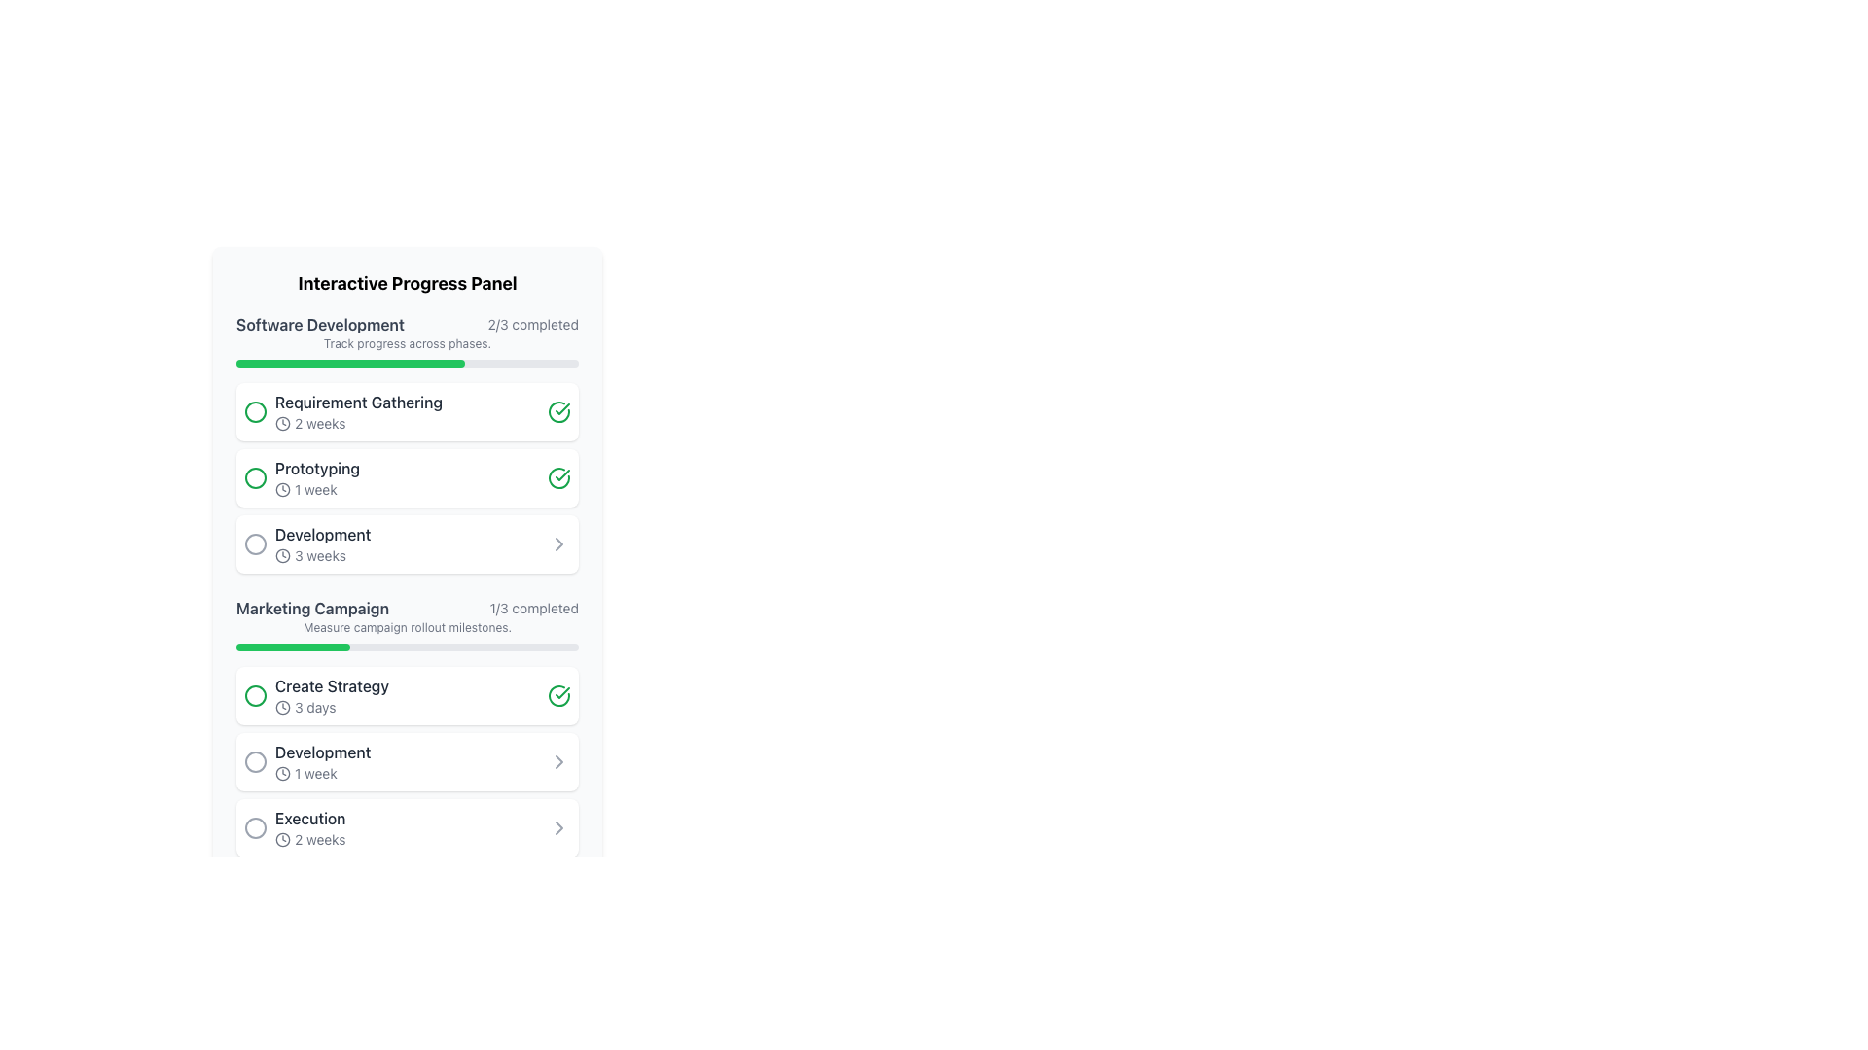 The image size is (1868, 1050). I want to click on the green Circle indicator or status marker located in the 'Marketing Campaign' section, to the immediate left of the 'Create Strategy' text, so click(255, 695).